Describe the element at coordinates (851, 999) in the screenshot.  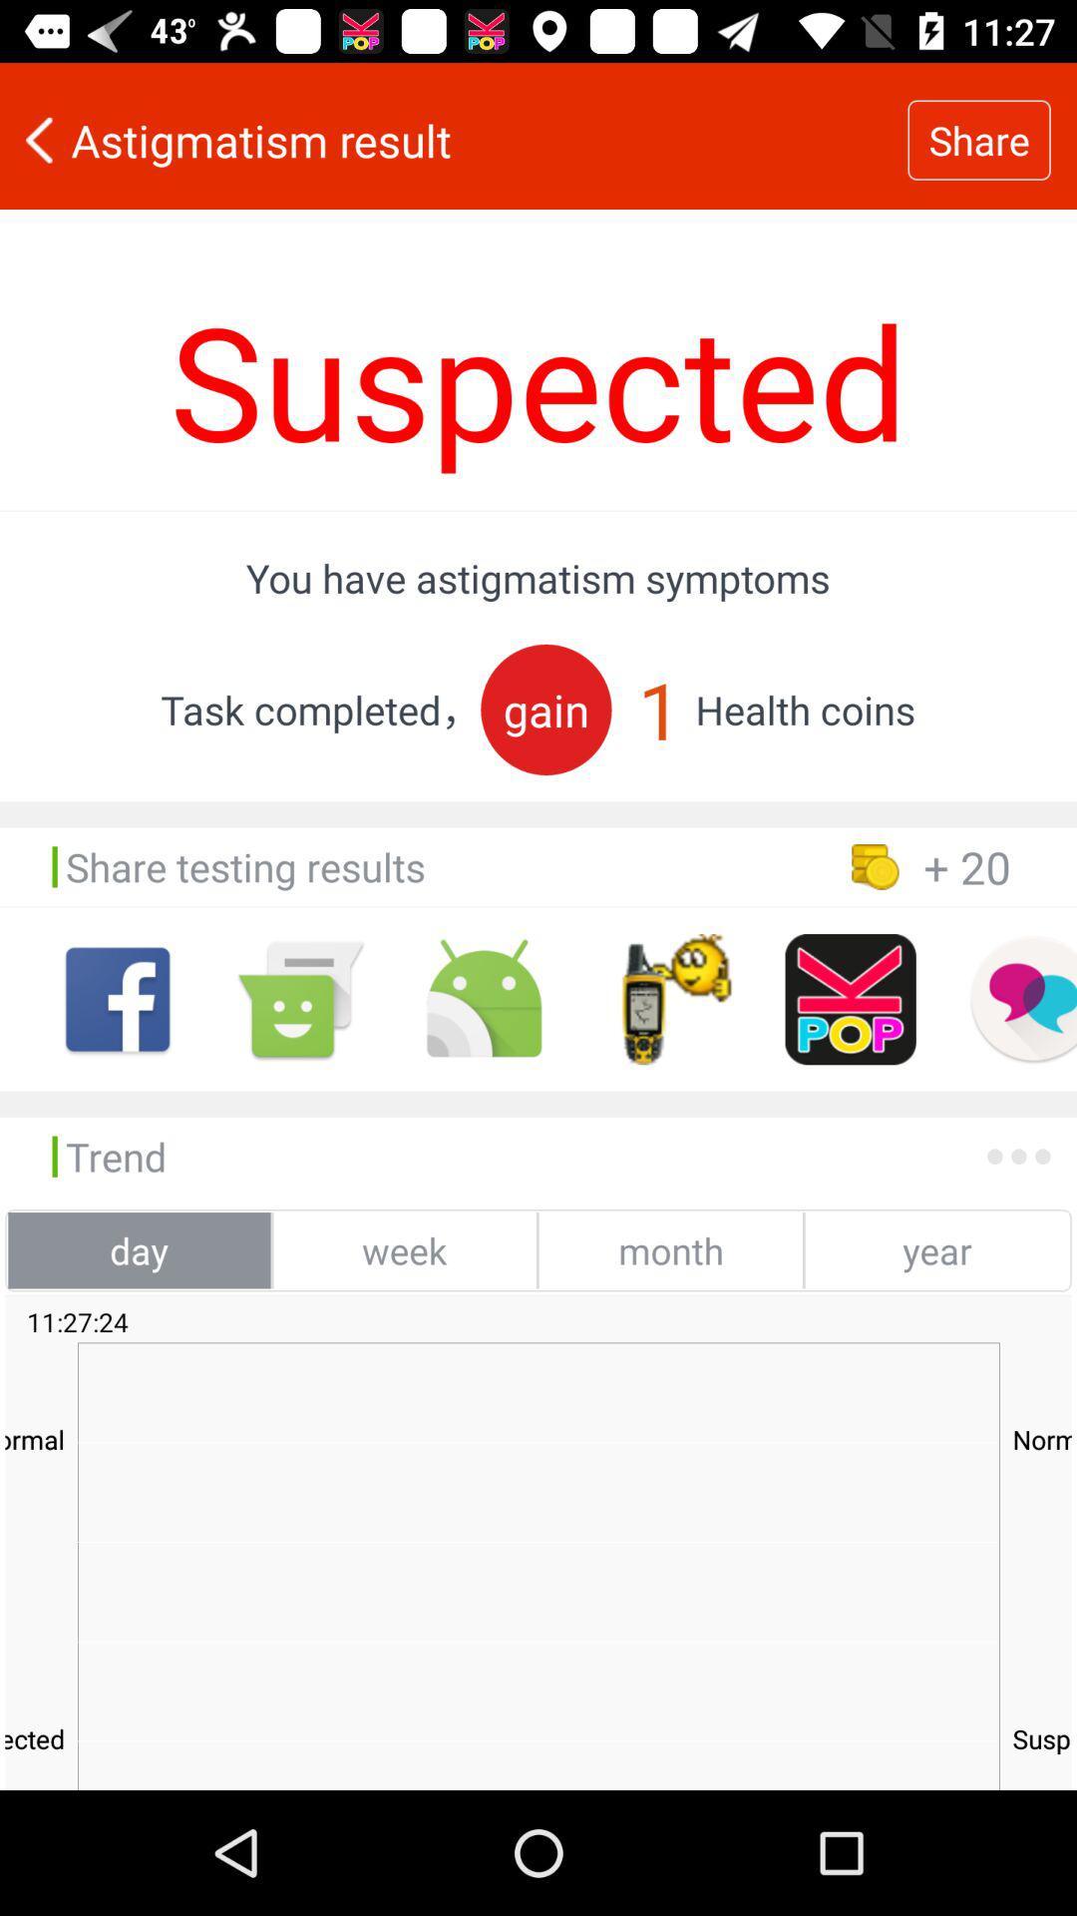
I see `share to kpop` at that location.